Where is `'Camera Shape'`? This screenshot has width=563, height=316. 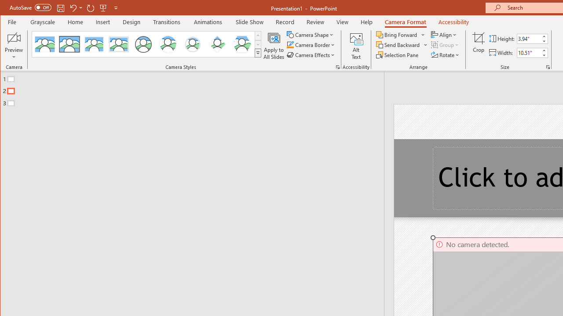 'Camera Shape' is located at coordinates (311, 34).